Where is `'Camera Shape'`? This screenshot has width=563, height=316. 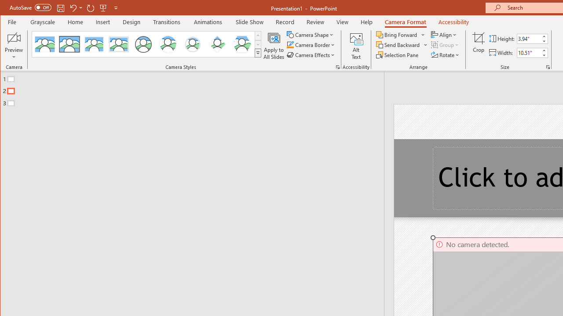 'Camera Shape' is located at coordinates (311, 34).